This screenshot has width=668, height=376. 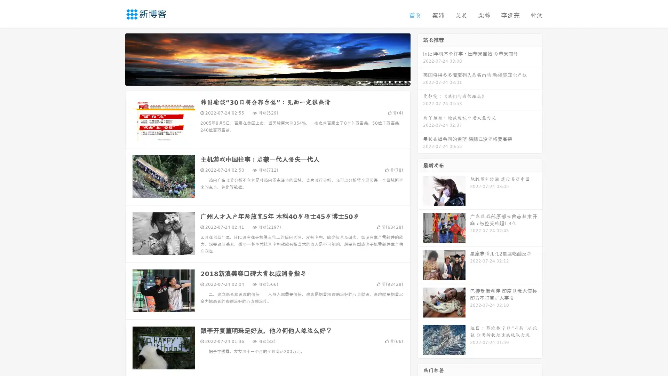 I want to click on Previous slide, so click(x=115, y=58).